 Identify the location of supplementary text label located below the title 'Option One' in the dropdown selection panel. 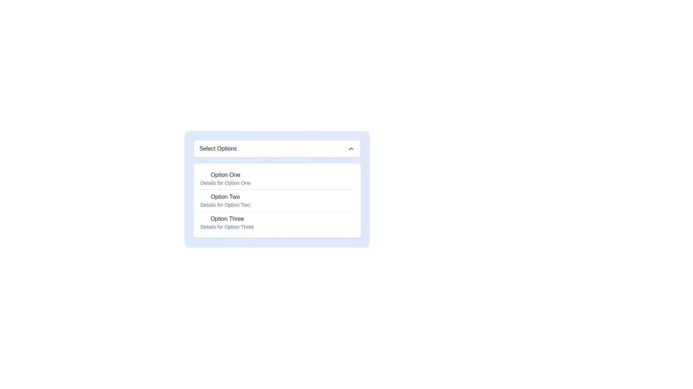
(225, 183).